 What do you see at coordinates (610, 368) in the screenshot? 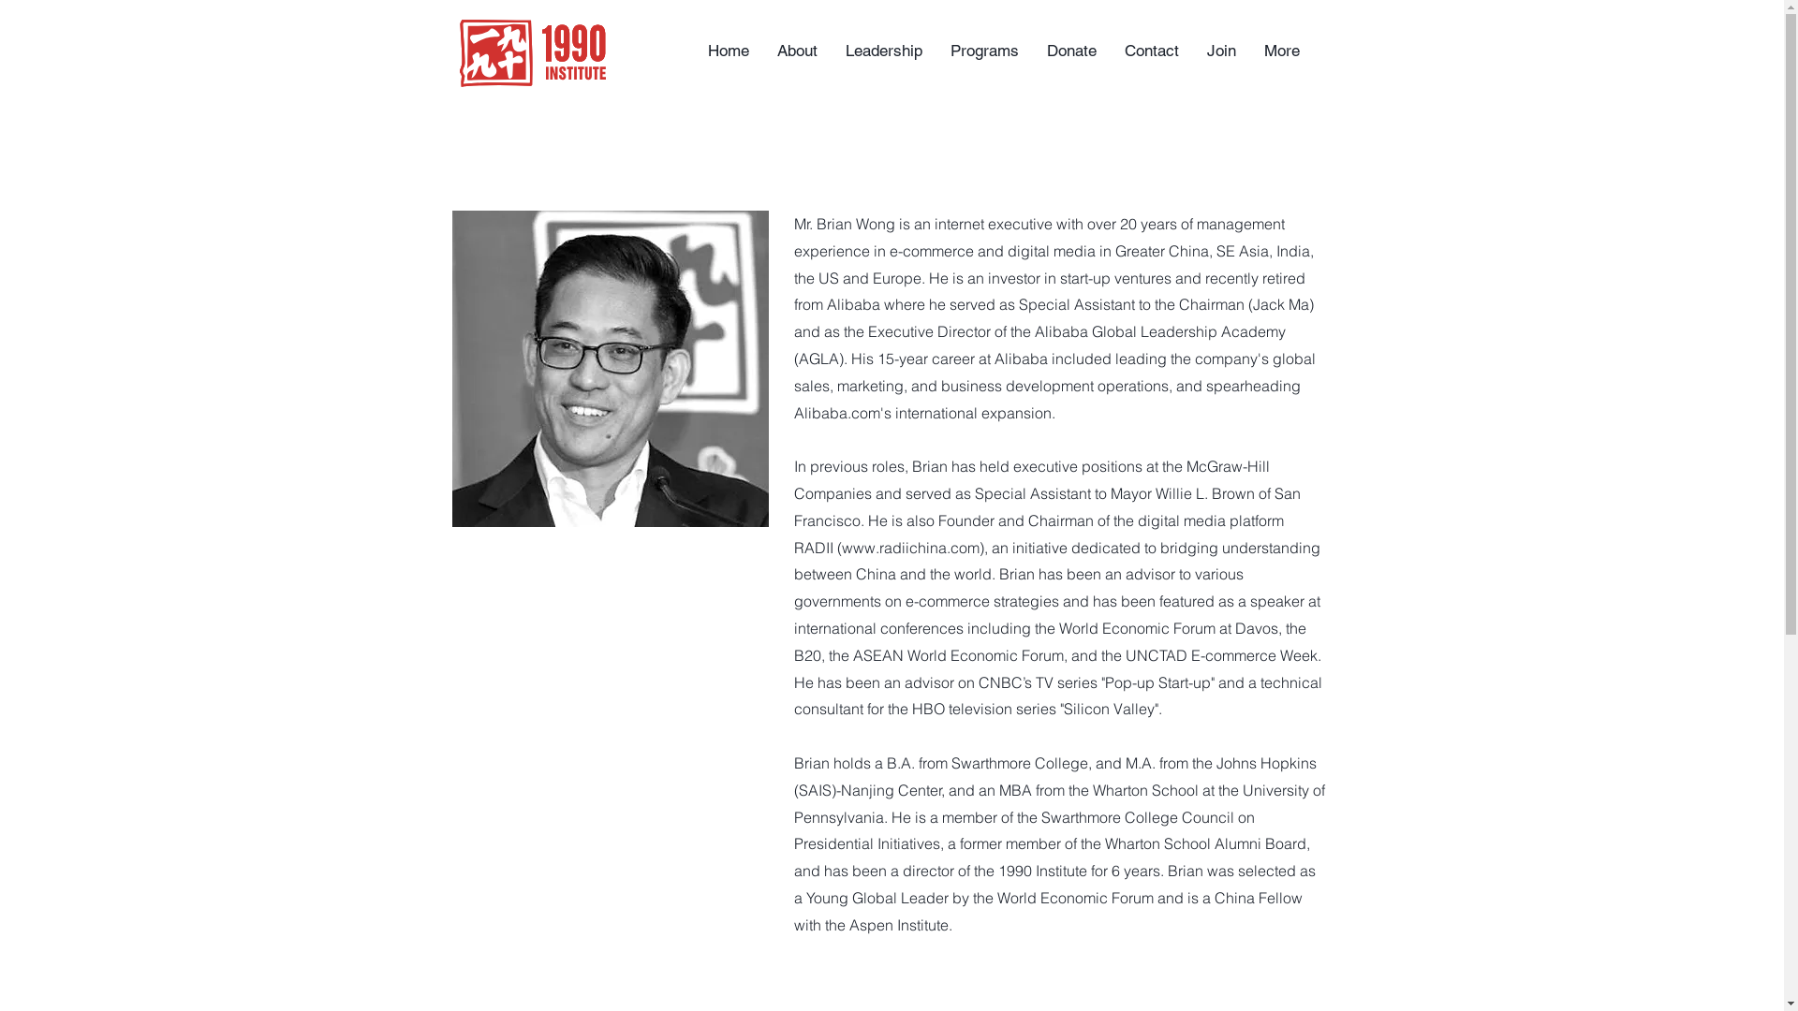
I see `'brian wong_edited.jpg'` at bounding box center [610, 368].